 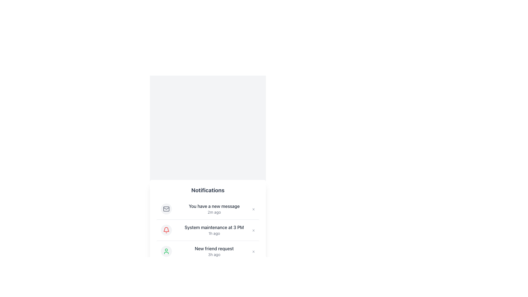 What do you see at coordinates (207, 251) in the screenshot?
I see `the third notification list item component that informs the user about a new friend request received 3 hours ago to navigate or interact with it` at bounding box center [207, 251].